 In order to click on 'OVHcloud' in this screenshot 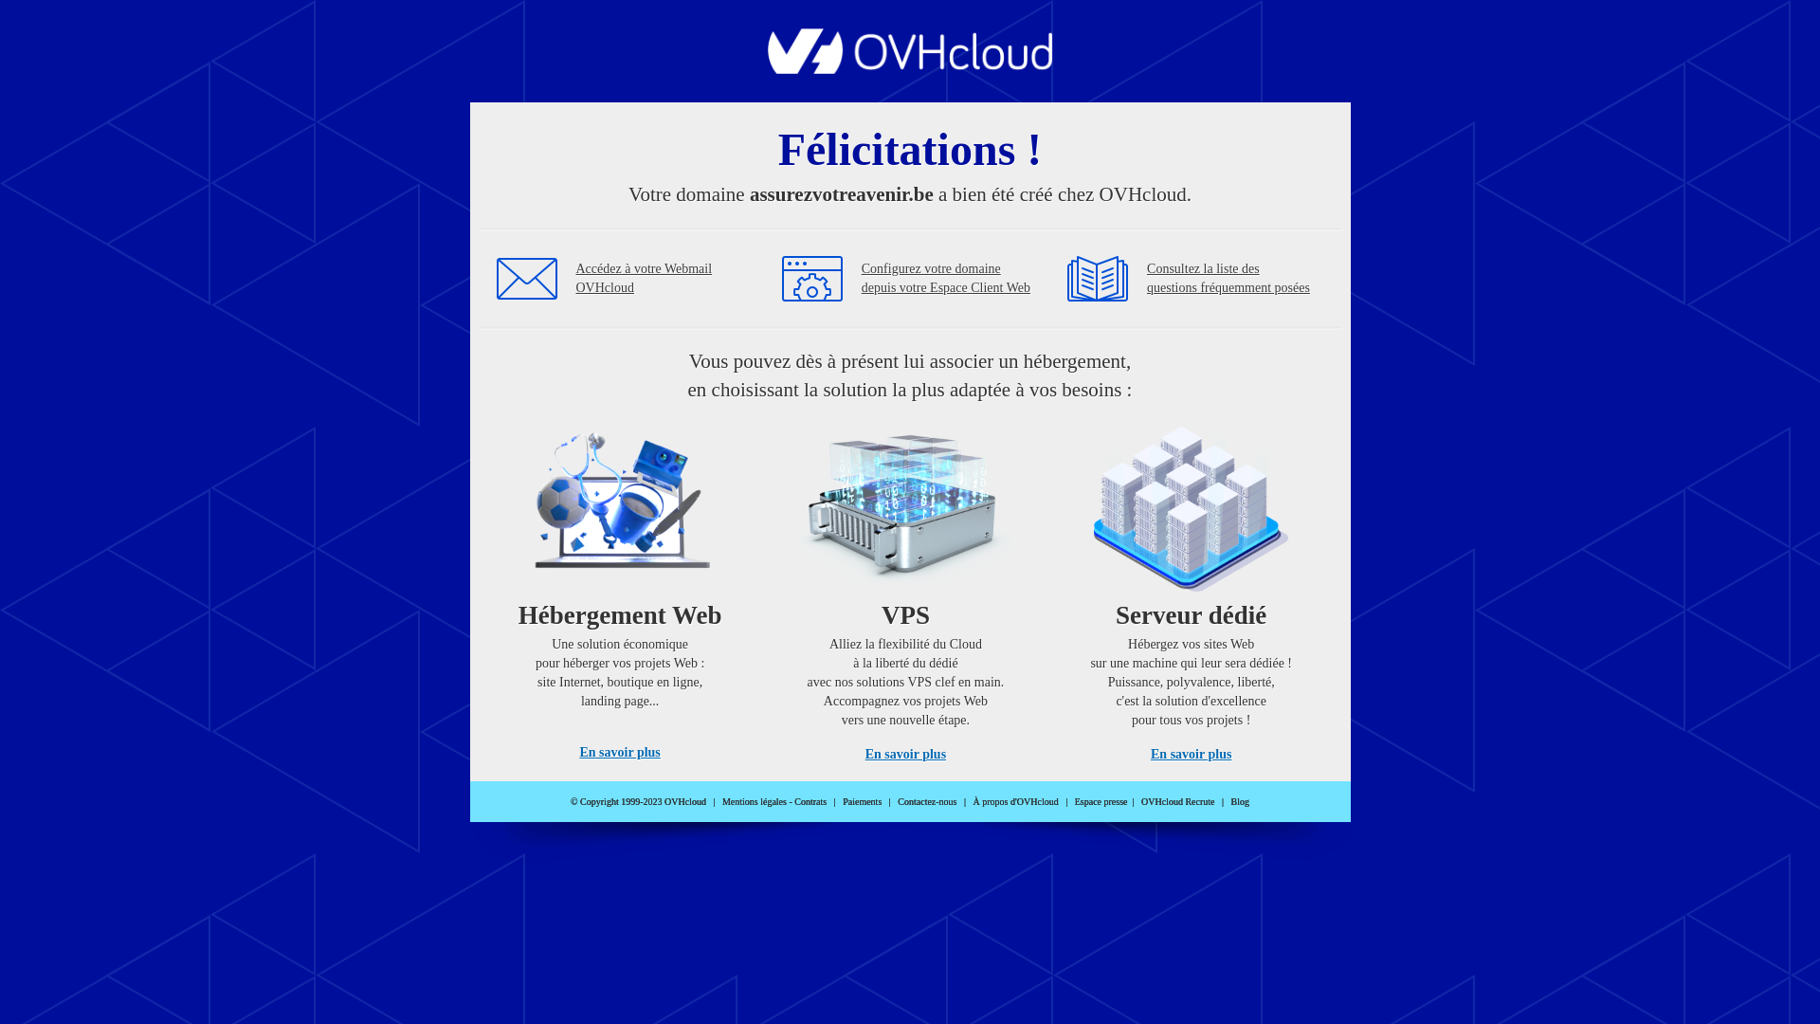, I will do `click(910, 67)`.